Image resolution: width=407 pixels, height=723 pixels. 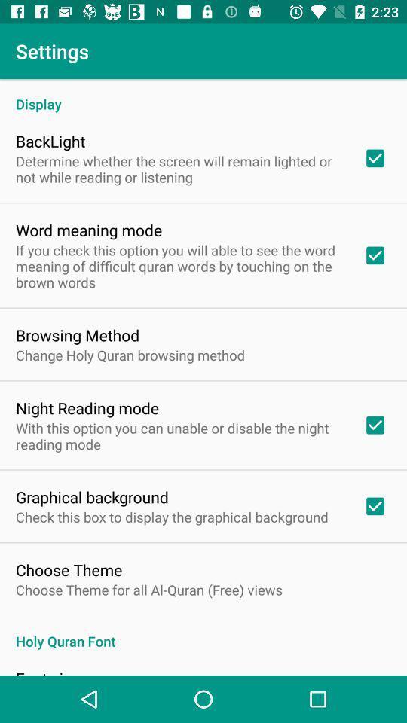 What do you see at coordinates (179, 266) in the screenshot?
I see `the icon above browsing method` at bounding box center [179, 266].